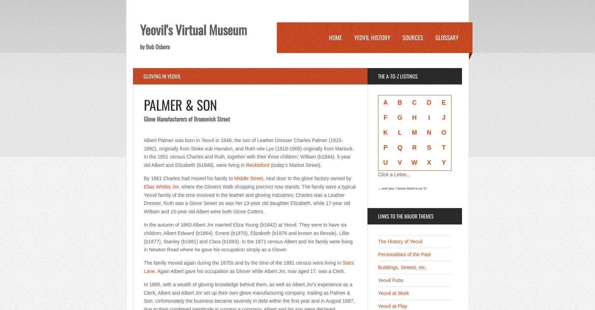 The height and width of the screenshot is (310, 595). What do you see at coordinates (443, 132) in the screenshot?
I see `'O'` at bounding box center [443, 132].